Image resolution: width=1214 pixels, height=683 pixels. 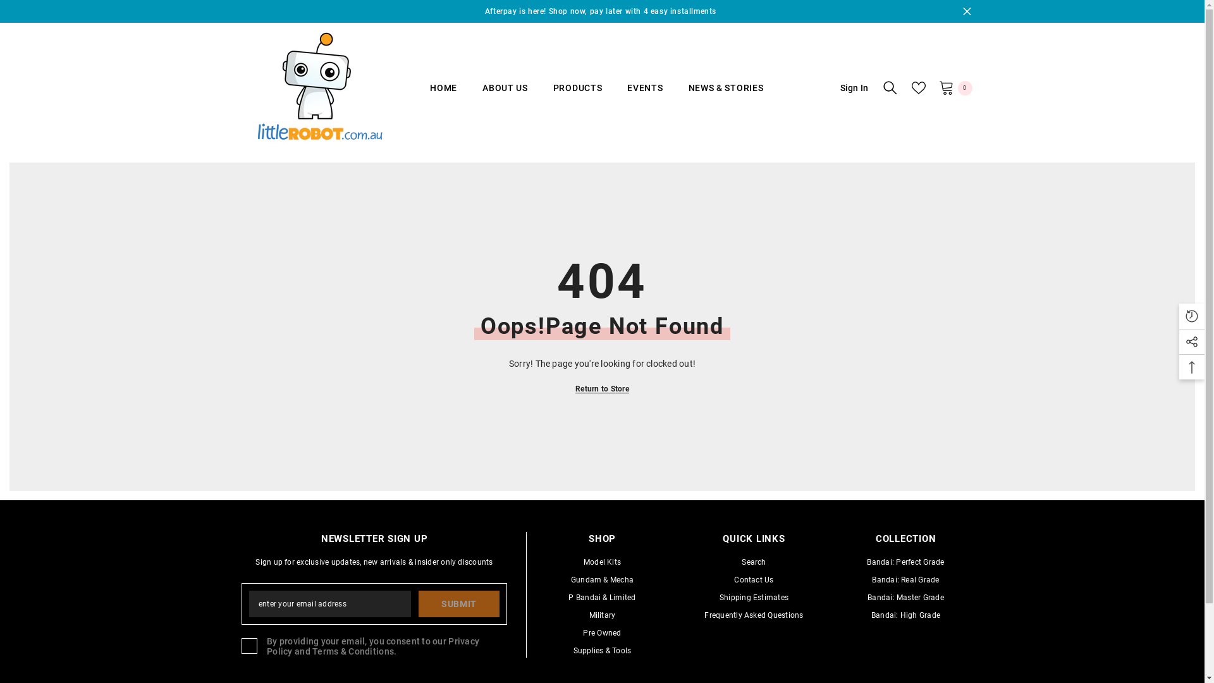 What do you see at coordinates (602, 651) in the screenshot?
I see `'Supplies & Tools'` at bounding box center [602, 651].